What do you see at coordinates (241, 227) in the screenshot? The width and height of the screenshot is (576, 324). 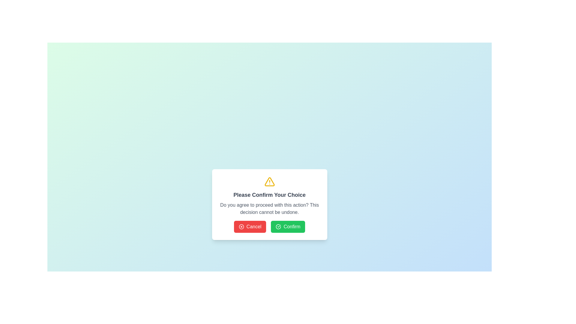 I see `the red-bordered 'Cancel' button icon that contains an 'X' on its left side and the word 'Cancel' next to it, located at the bottom left corner of the modal dialog` at bounding box center [241, 227].